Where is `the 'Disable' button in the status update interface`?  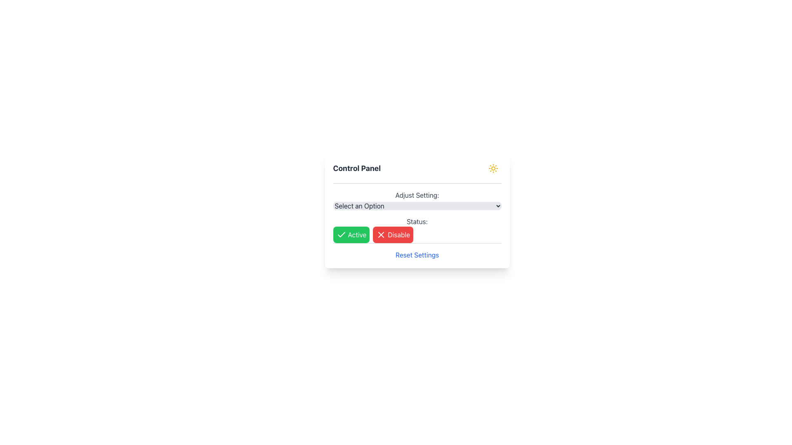
the 'Disable' button in the status update interface is located at coordinates (417, 230).